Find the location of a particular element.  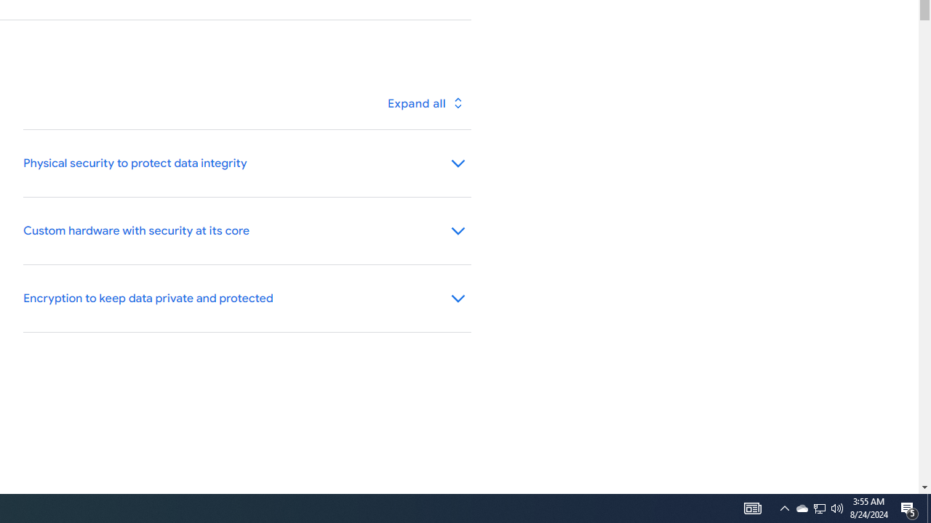

'Encryption to keep data private and protected' is located at coordinates (247, 298).